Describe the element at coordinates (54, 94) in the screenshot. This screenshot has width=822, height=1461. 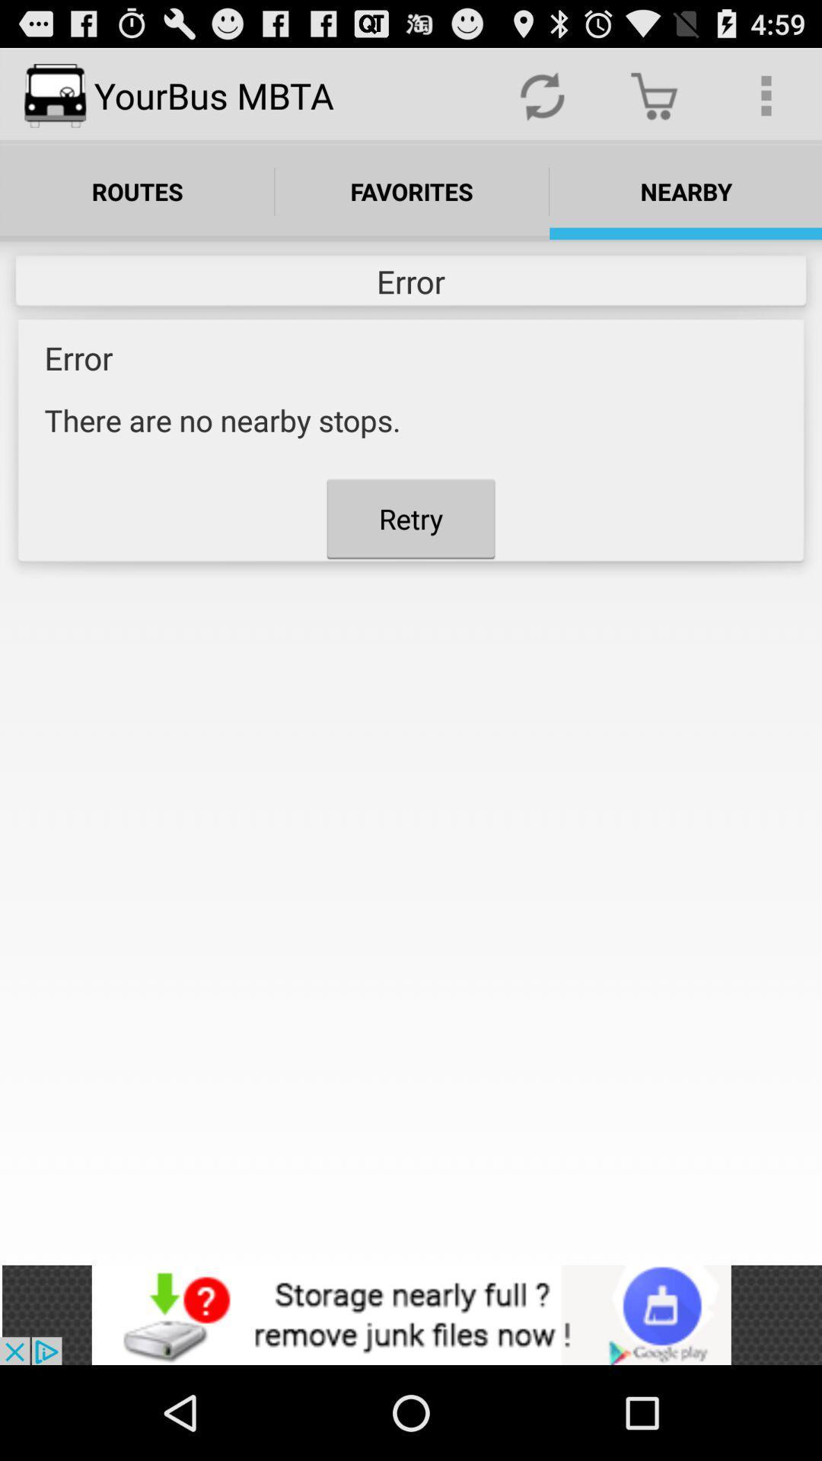
I see `the logo left side of yourbus mbta` at that location.